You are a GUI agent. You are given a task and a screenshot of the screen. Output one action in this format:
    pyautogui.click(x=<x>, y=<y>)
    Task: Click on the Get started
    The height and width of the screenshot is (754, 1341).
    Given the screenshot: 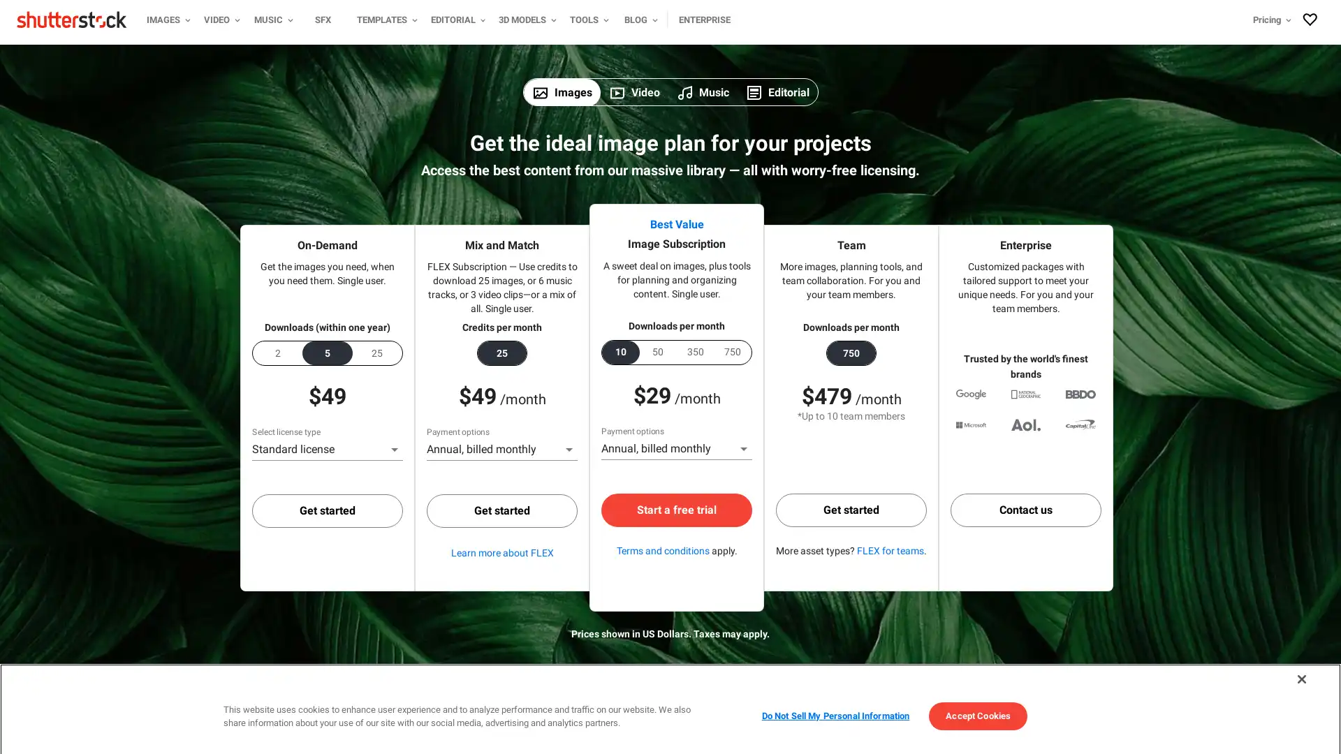 What is the action you would take?
    pyautogui.click(x=327, y=511)
    